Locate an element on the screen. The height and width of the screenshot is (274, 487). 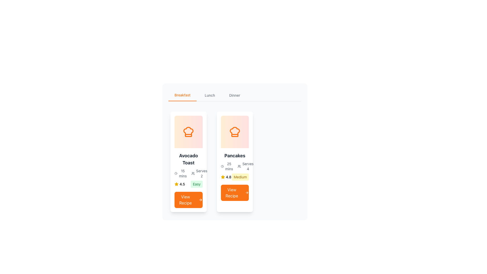
the Navigation tab group located centrally at the top of the recipe section is located at coordinates (235, 95).